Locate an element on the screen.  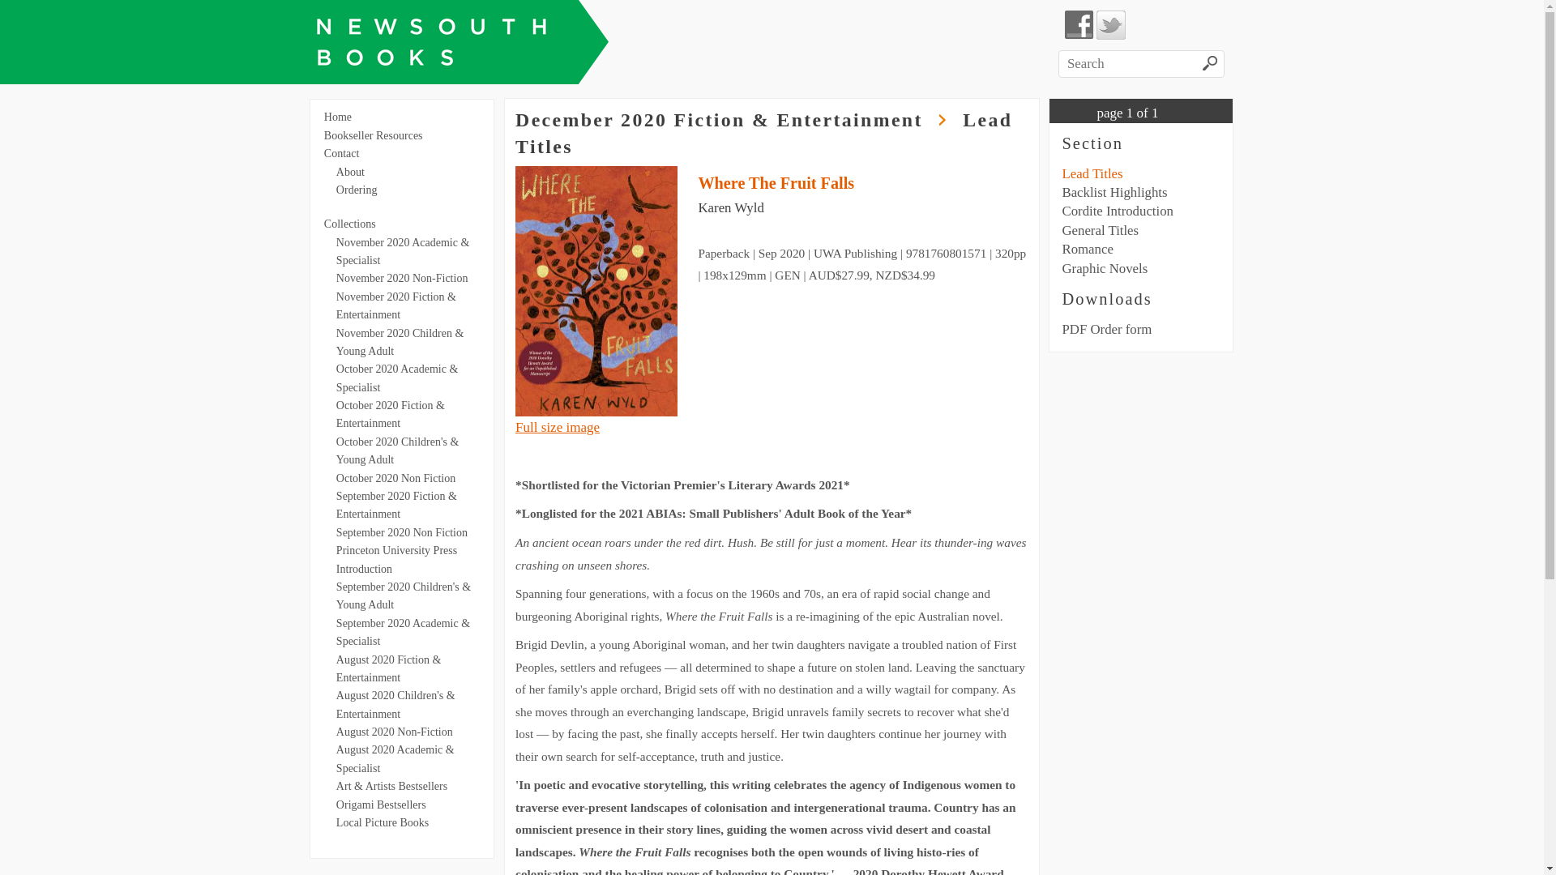
'October 2020 Non Fiction' is located at coordinates (395, 477).